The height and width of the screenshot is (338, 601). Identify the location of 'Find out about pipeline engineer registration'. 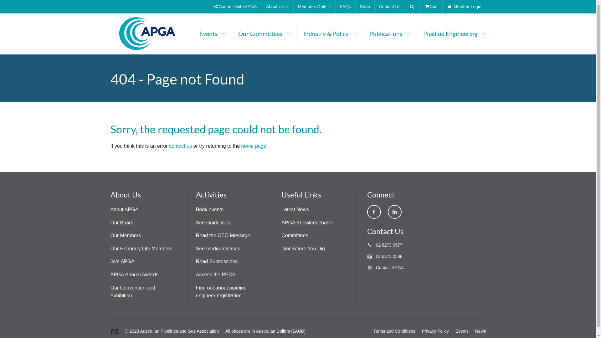
(221, 292).